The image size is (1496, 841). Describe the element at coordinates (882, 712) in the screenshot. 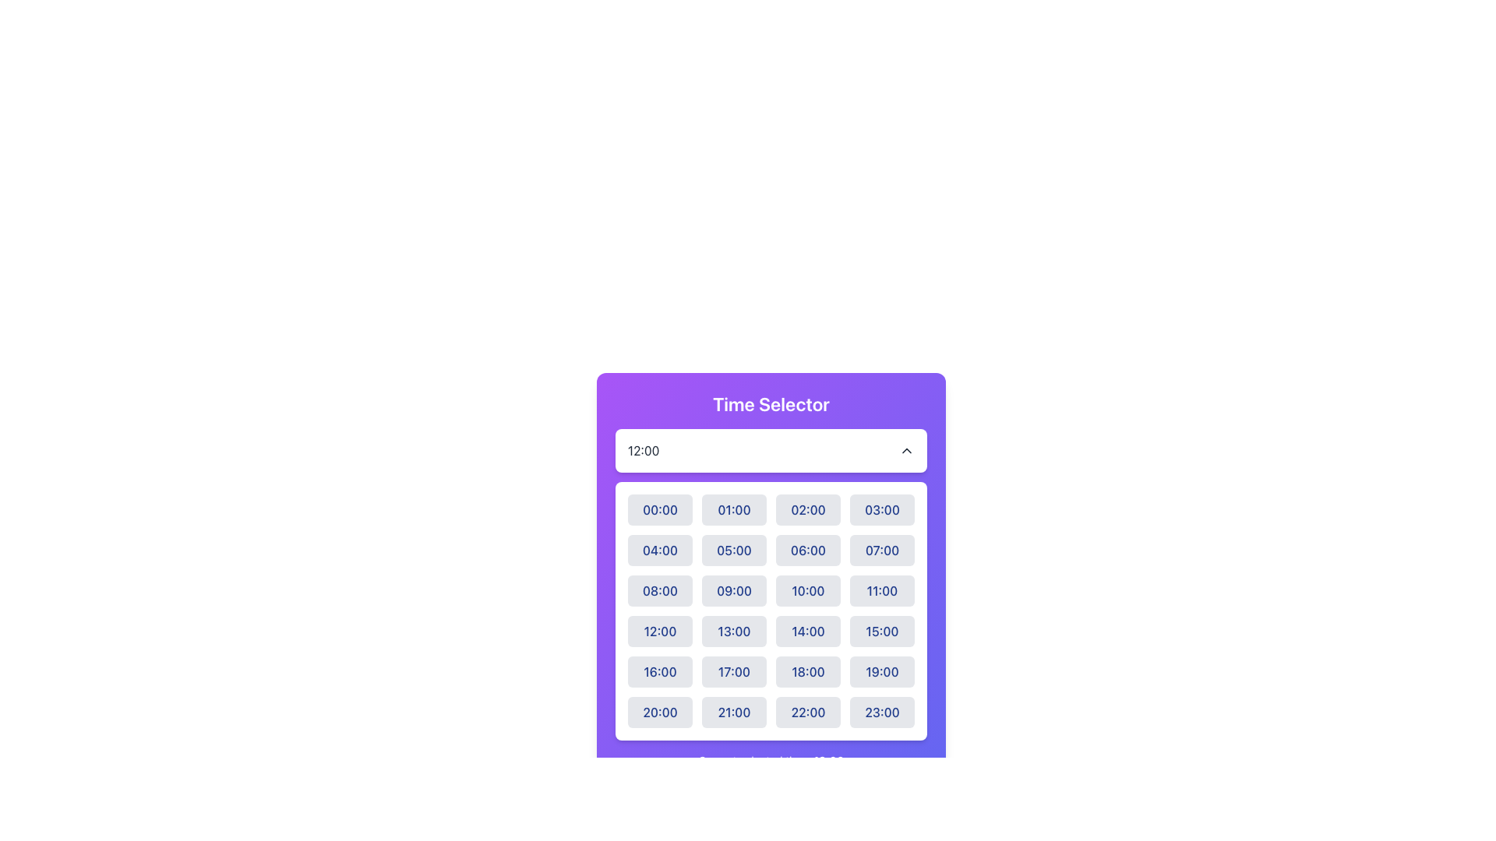

I see `the button labeled '23:00' with a light gray background and blue text, located in the last row and fourth column of a 4x6 grid layout` at that location.